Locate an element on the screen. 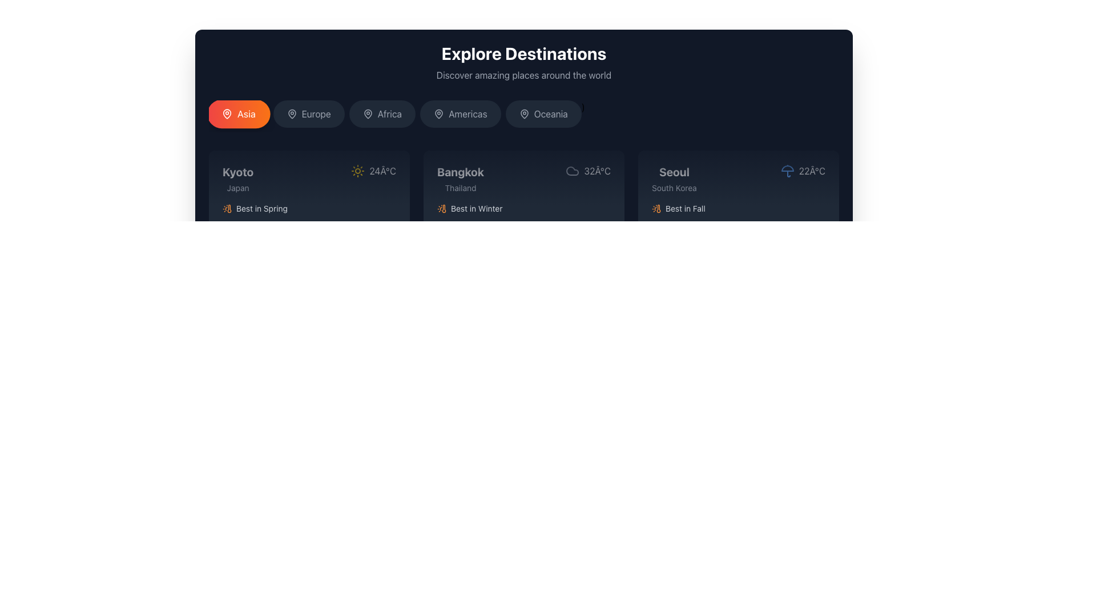  the gradient overlay at the top of the card layout representing 'Bangkok' is located at coordinates (523, 178).